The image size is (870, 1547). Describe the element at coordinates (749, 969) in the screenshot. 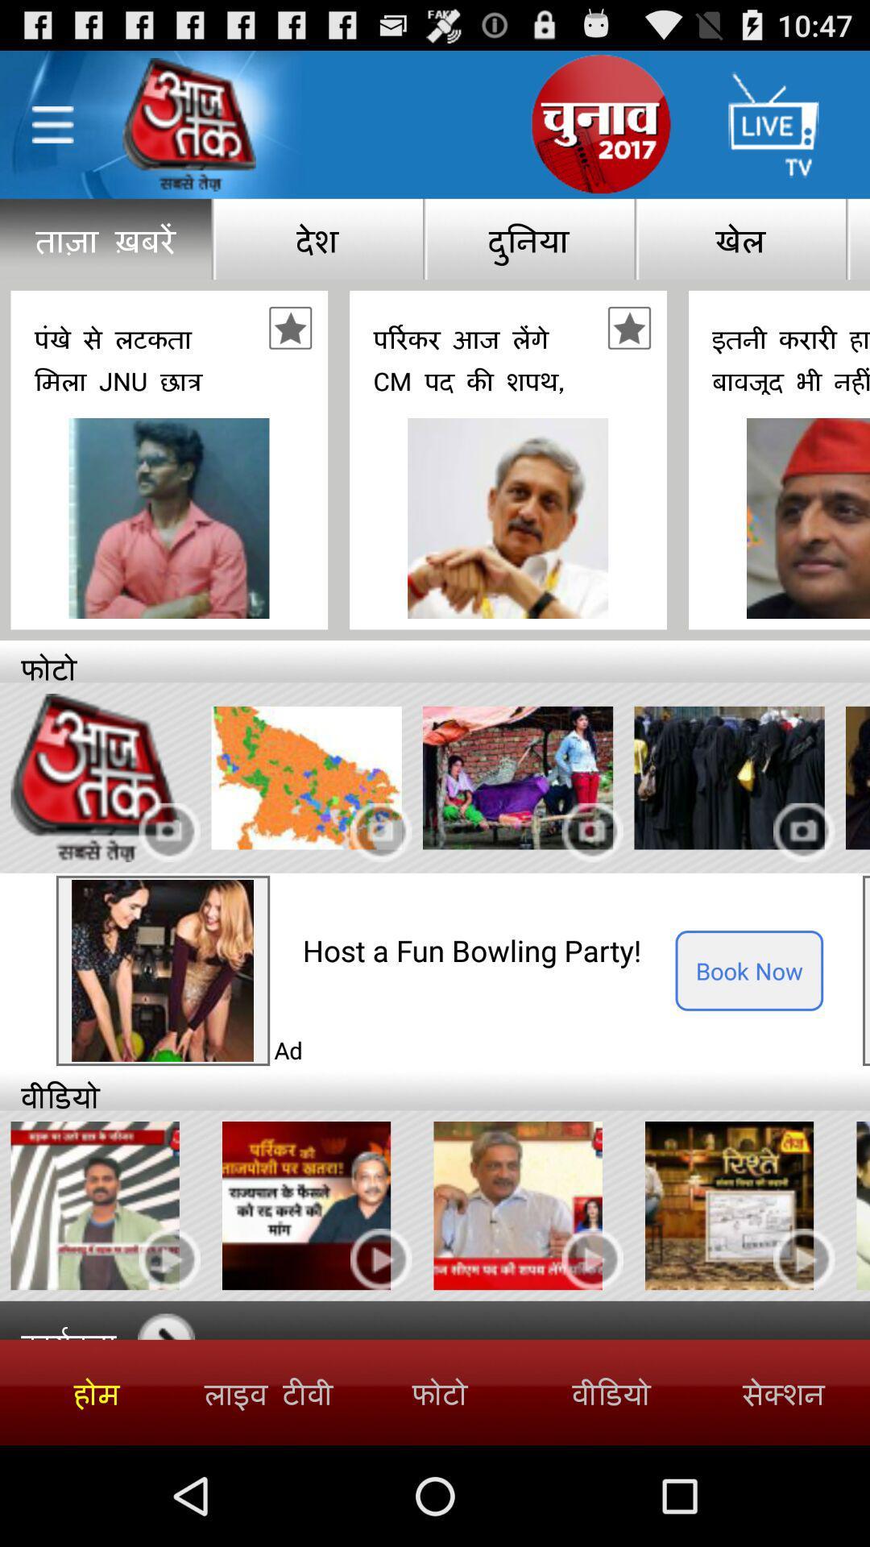

I see `the book now icon` at that location.